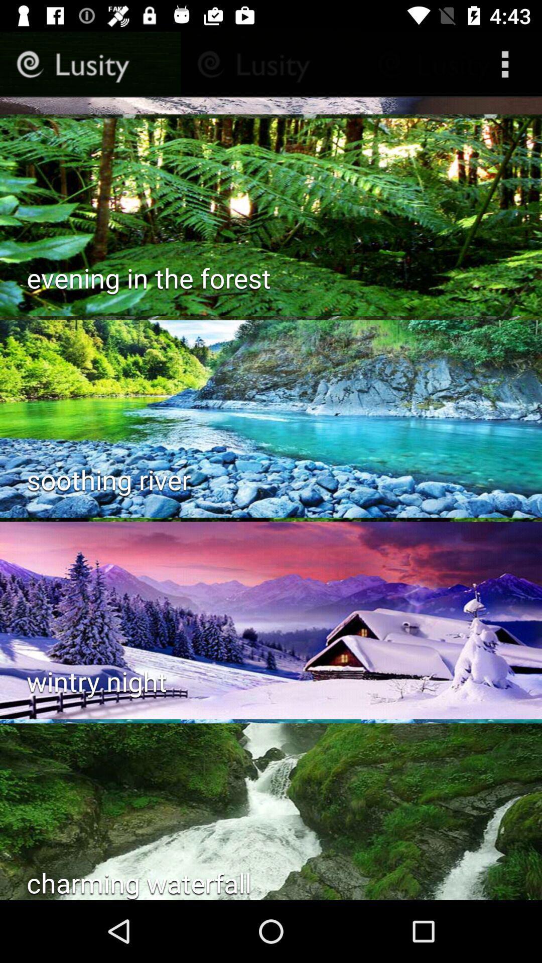  I want to click on the more icon, so click(507, 64).